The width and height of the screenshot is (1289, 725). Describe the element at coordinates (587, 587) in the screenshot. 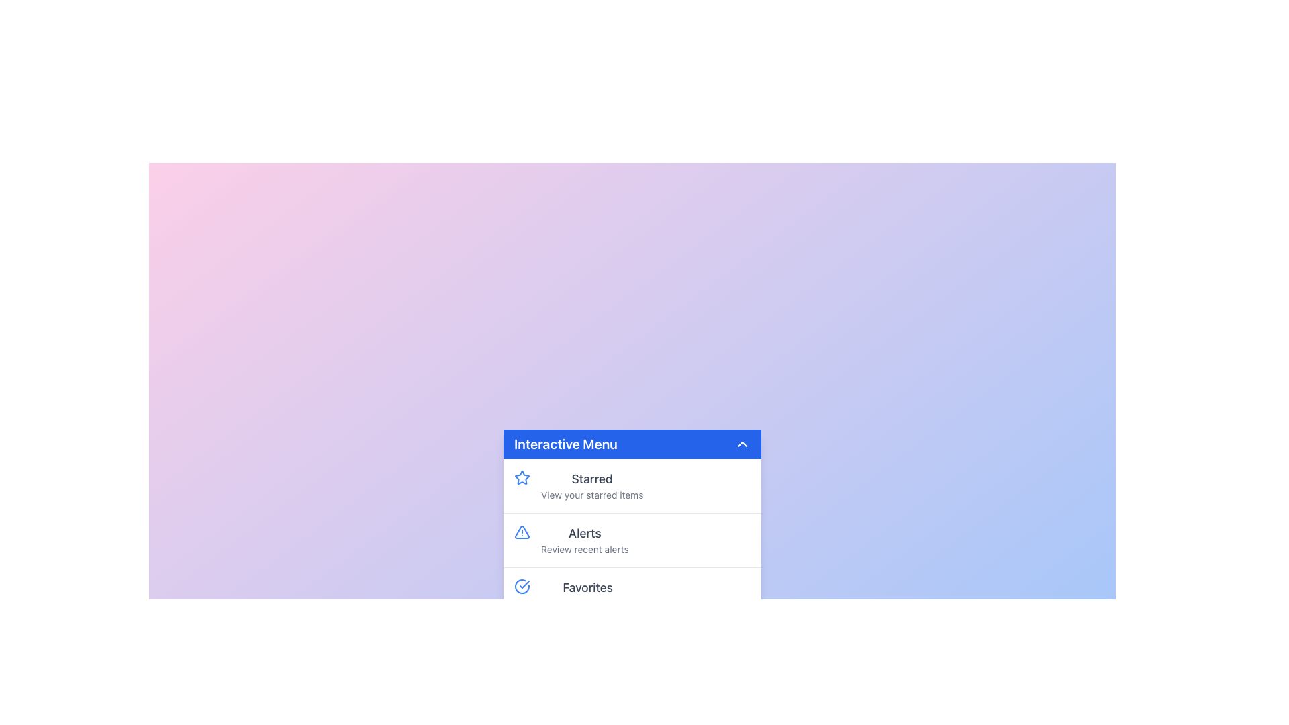

I see `the 'Favorites' static text element within the 'Interactive Menu', which is the third option after 'Starred' and 'Alerts'` at that location.